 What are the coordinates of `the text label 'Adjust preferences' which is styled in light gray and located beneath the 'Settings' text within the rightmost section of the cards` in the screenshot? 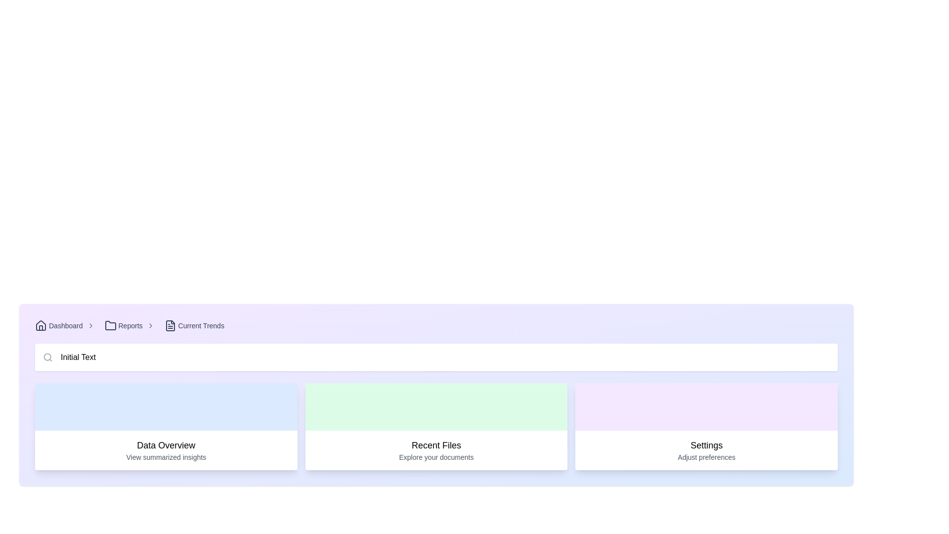 It's located at (706, 457).